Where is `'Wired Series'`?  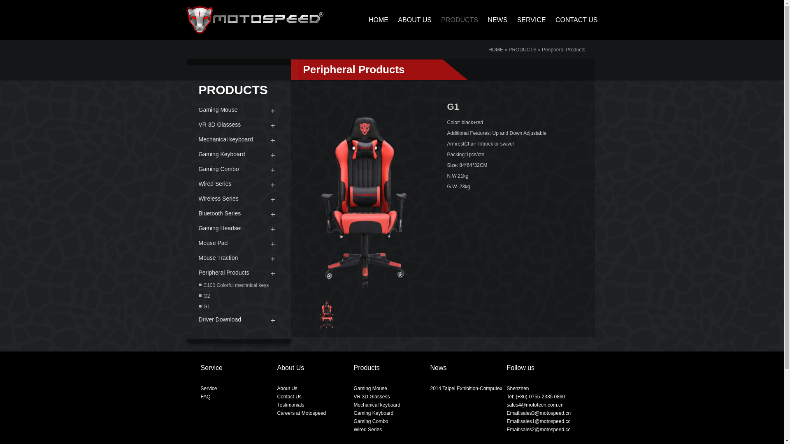 'Wired Series' is located at coordinates (238, 183).